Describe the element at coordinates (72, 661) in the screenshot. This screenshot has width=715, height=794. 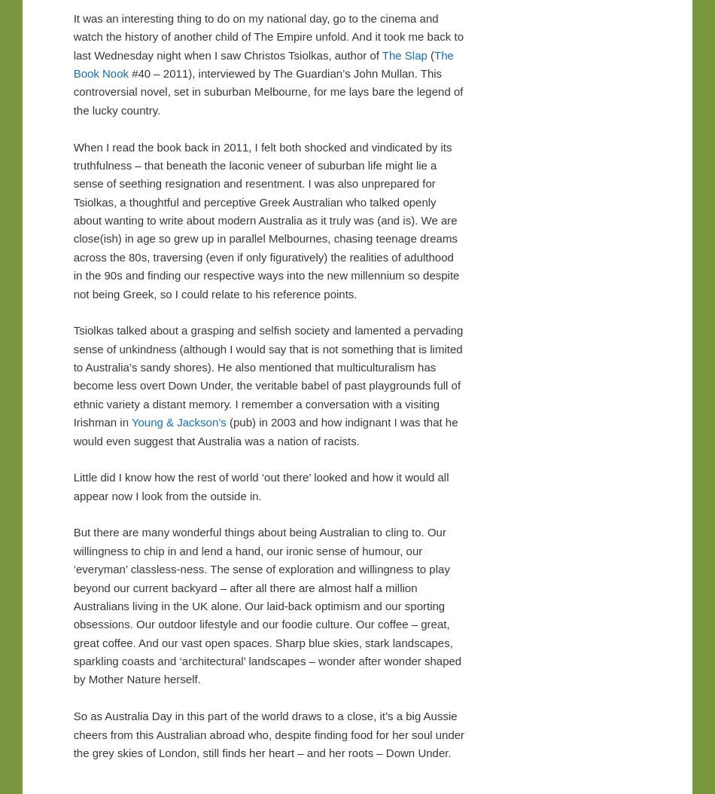
I see `'And our vast open spaces. Sharp blue skies, stark landscapes, sparkling coasts and ‘architectural’ landscapes – wonder after wonder shaped by Mother Nature herself.'` at that location.